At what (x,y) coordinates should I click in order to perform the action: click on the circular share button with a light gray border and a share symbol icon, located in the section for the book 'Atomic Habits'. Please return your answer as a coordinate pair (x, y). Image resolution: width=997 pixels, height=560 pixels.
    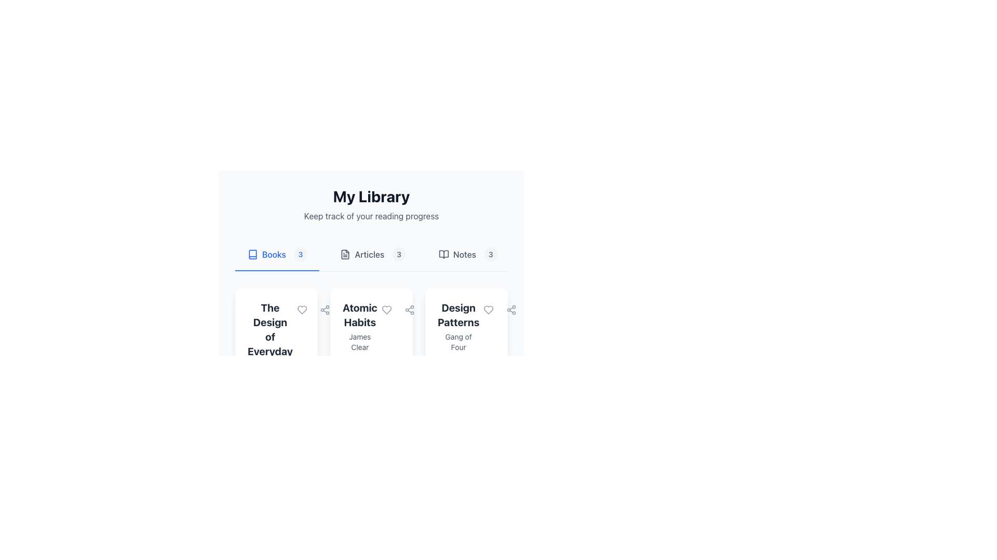
    Looking at the image, I should click on (409, 309).